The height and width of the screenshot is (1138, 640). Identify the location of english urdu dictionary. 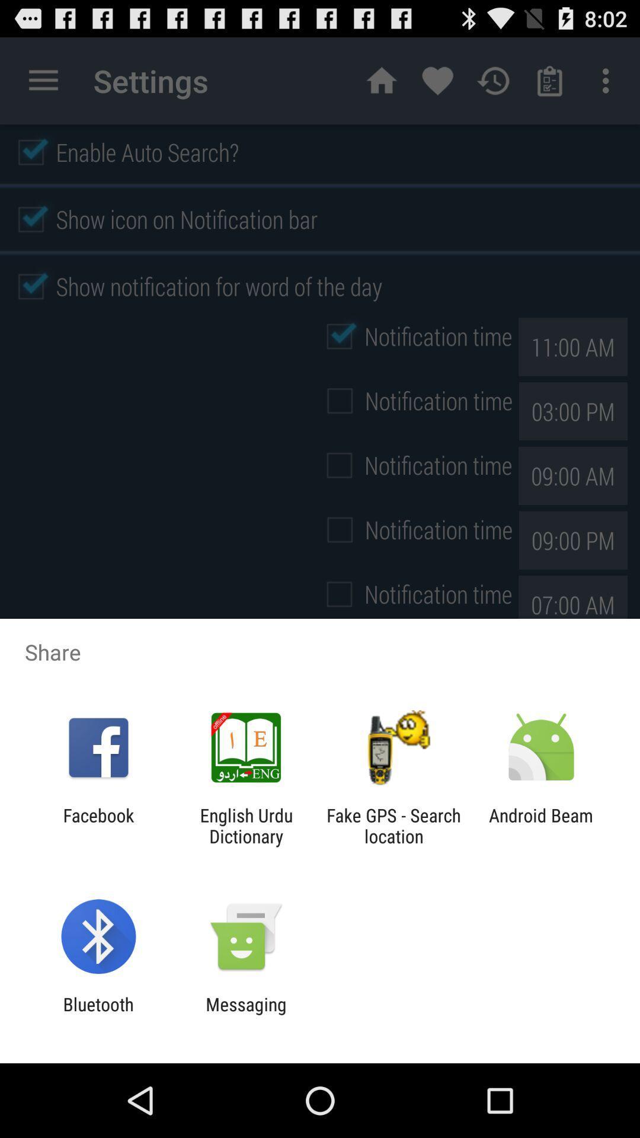
(245, 825).